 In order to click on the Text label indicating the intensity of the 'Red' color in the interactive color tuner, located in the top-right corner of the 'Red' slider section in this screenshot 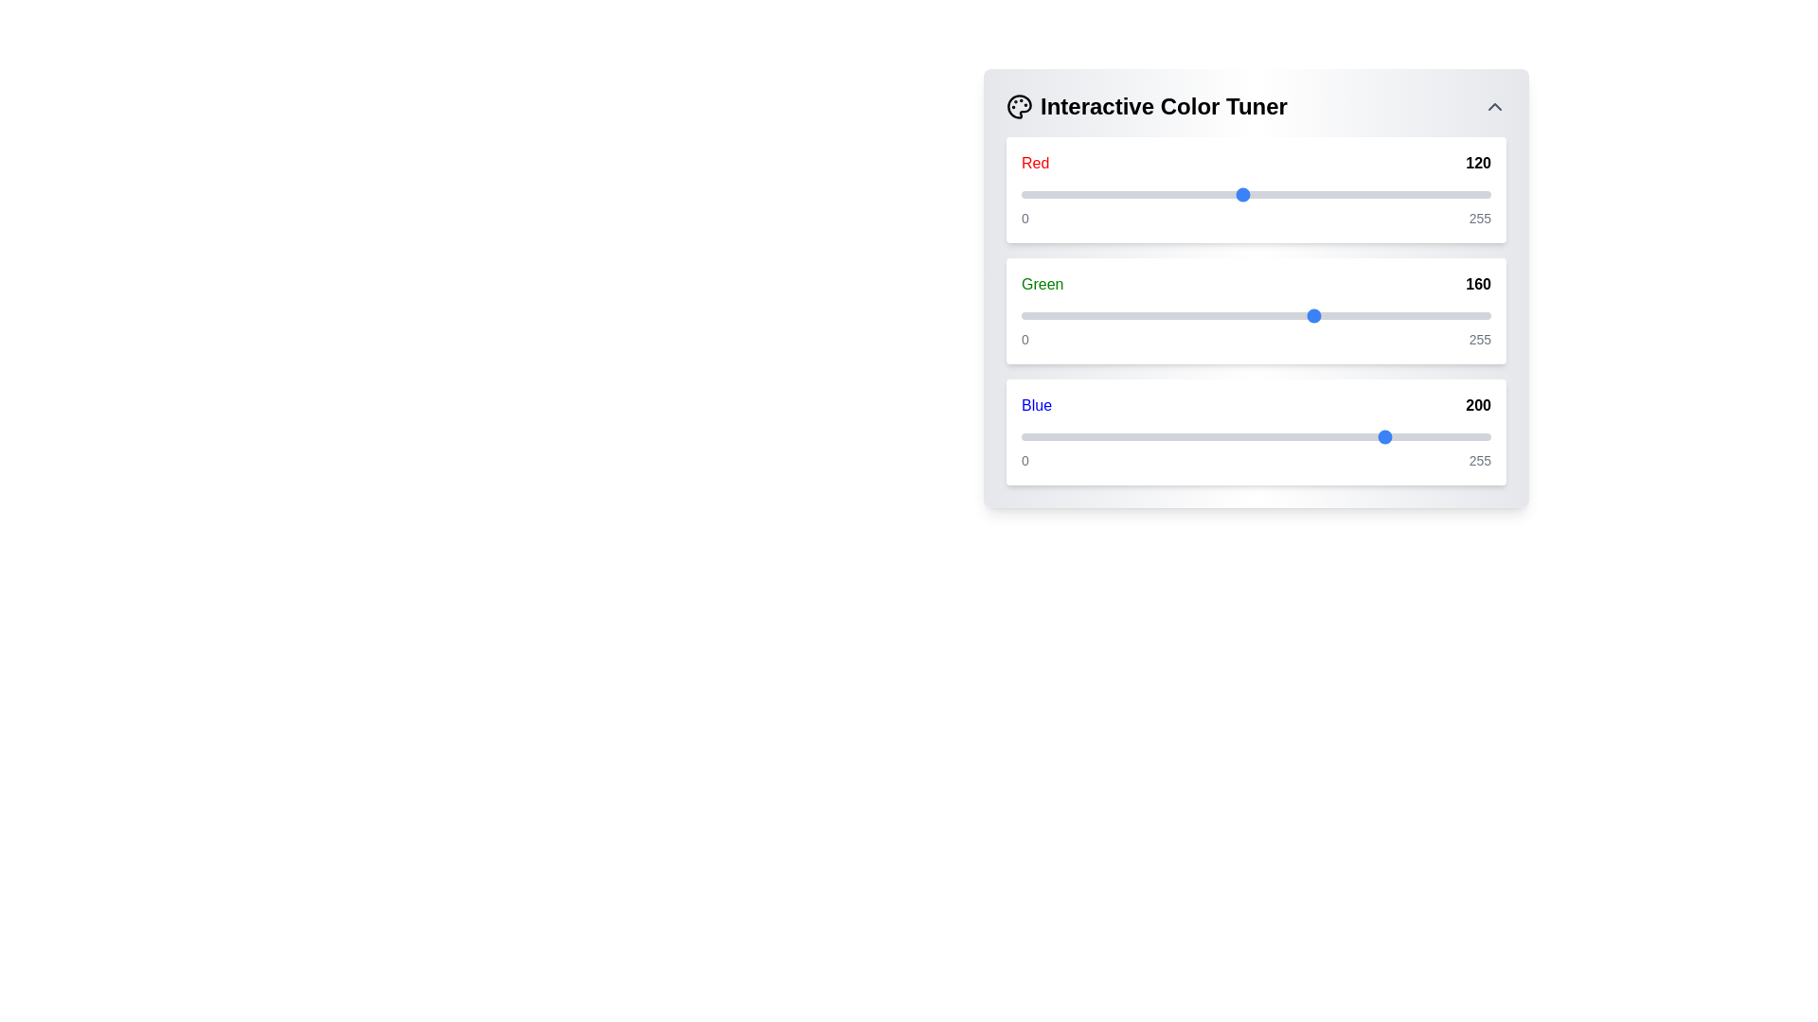, I will do `click(1477, 163)`.